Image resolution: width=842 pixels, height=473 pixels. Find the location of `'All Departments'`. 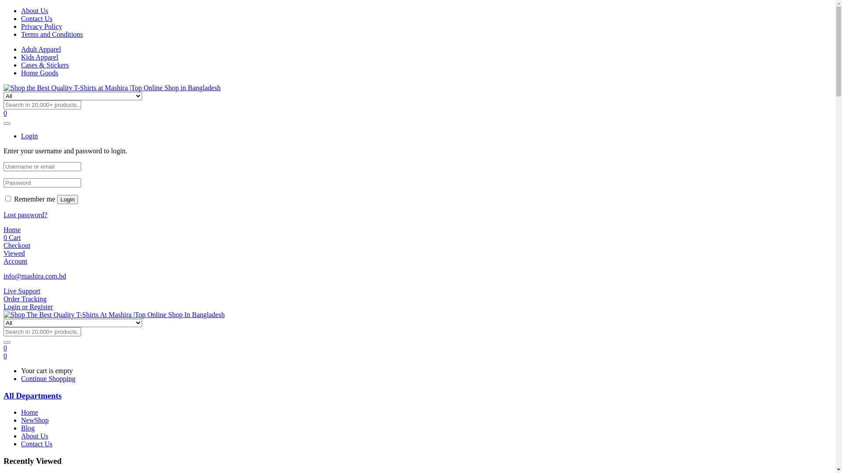

'All Departments' is located at coordinates (32, 395).